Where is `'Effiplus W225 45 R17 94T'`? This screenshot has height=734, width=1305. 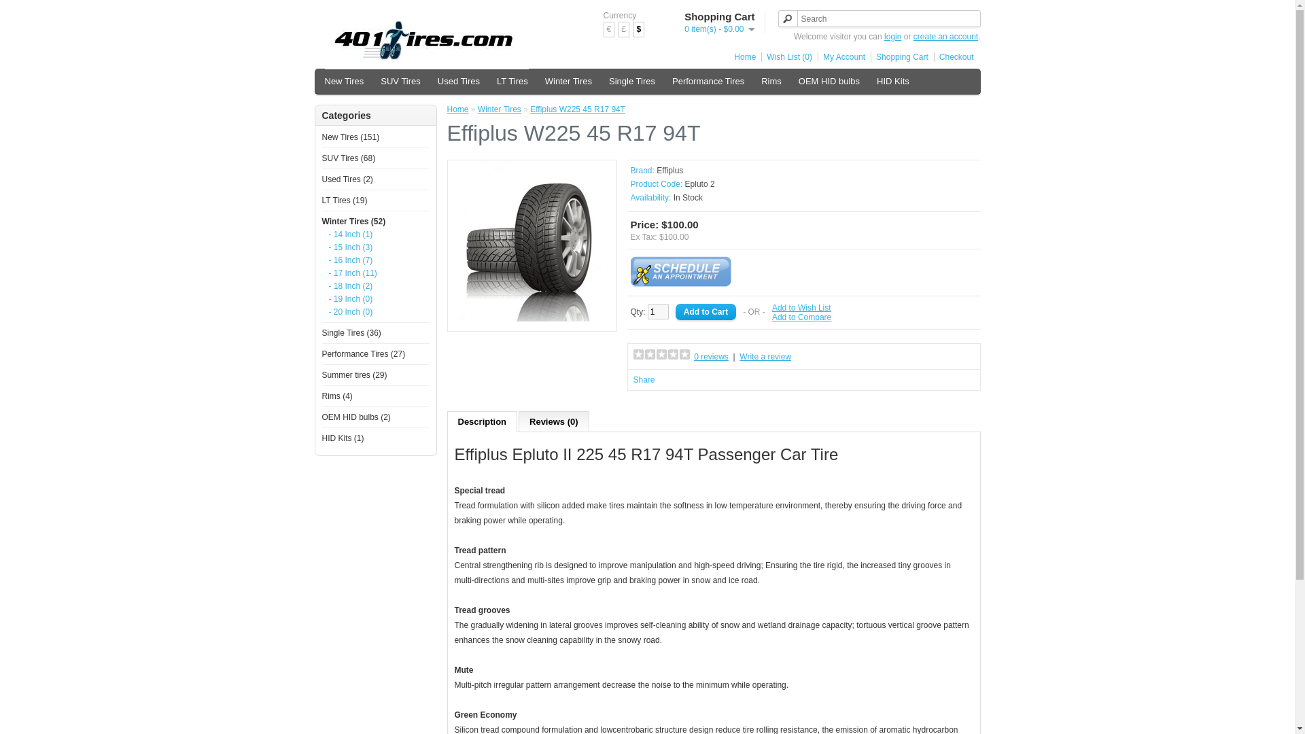 'Effiplus W225 45 R17 94T' is located at coordinates (531, 319).